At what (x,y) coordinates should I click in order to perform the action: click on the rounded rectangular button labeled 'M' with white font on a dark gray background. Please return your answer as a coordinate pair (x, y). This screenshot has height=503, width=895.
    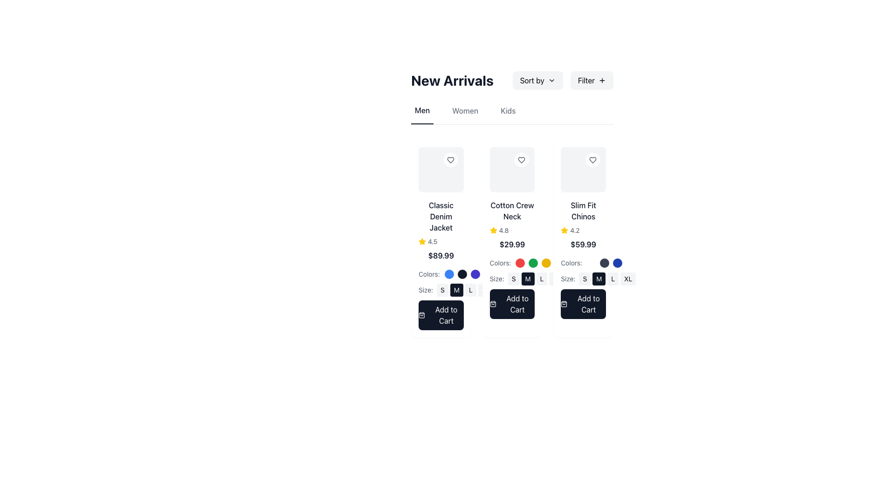
    Looking at the image, I should click on (456, 289).